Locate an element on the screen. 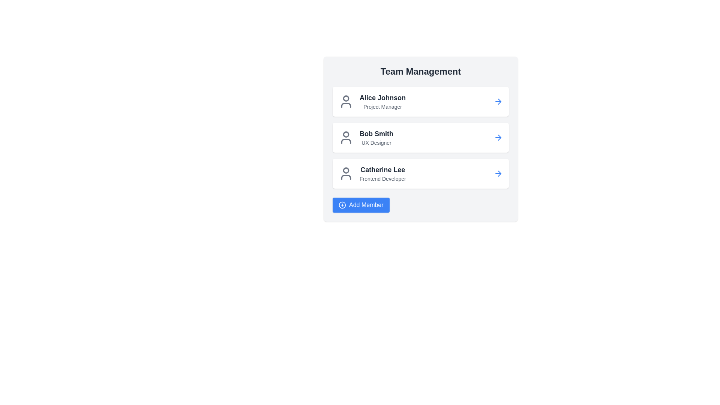 The image size is (720, 405). the List item card for 'Alice Johnson' is located at coordinates (421, 101).